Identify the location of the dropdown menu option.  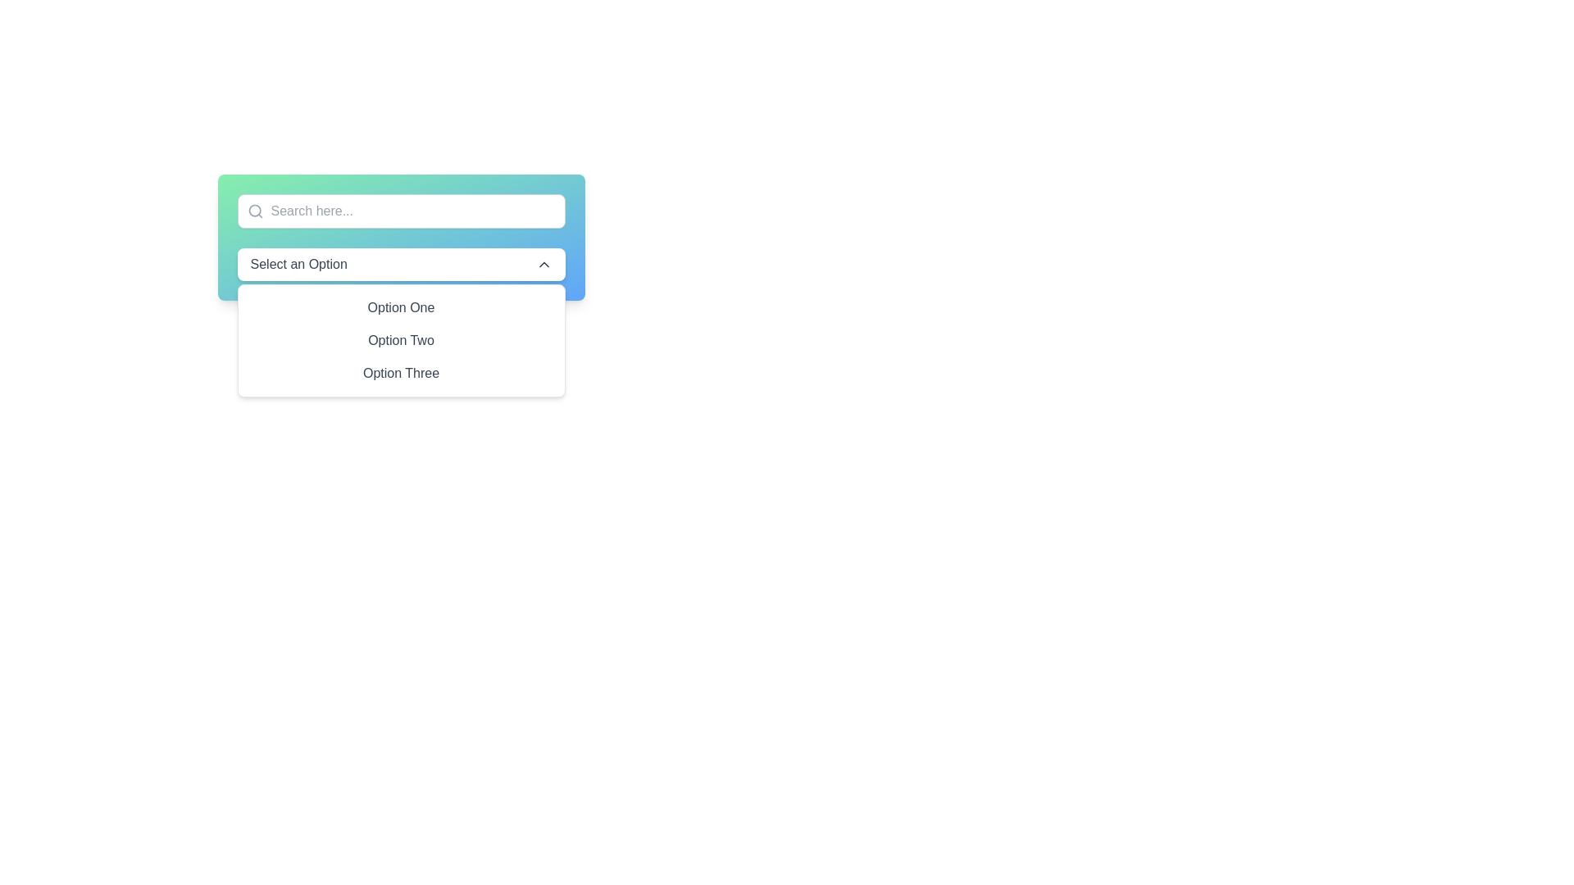
(401, 340).